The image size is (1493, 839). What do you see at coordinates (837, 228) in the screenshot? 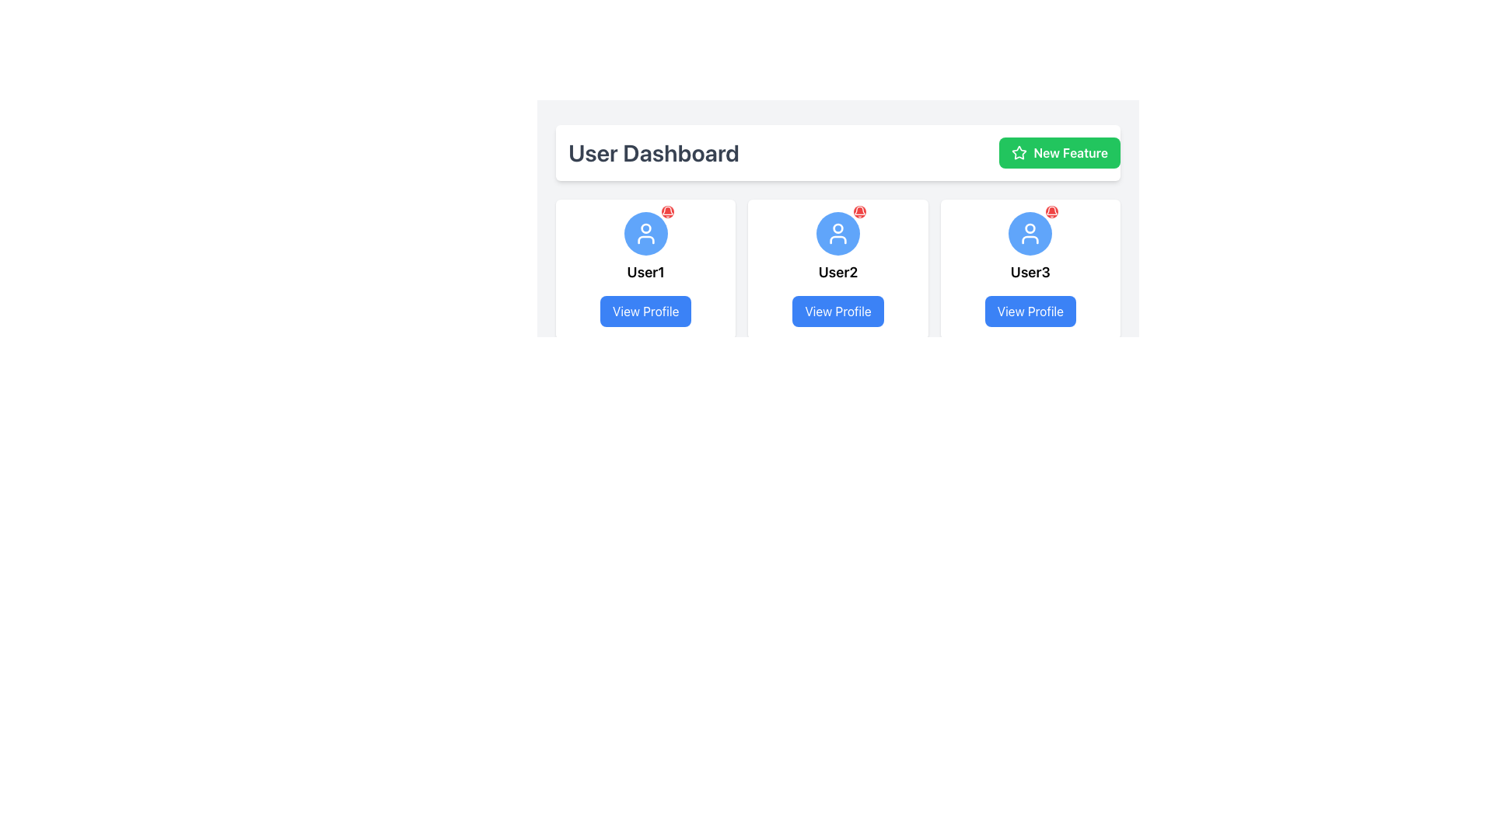
I see `the vector circle element within the user profile icon for User3, located at the top-central position of the icon` at bounding box center [837, 228].